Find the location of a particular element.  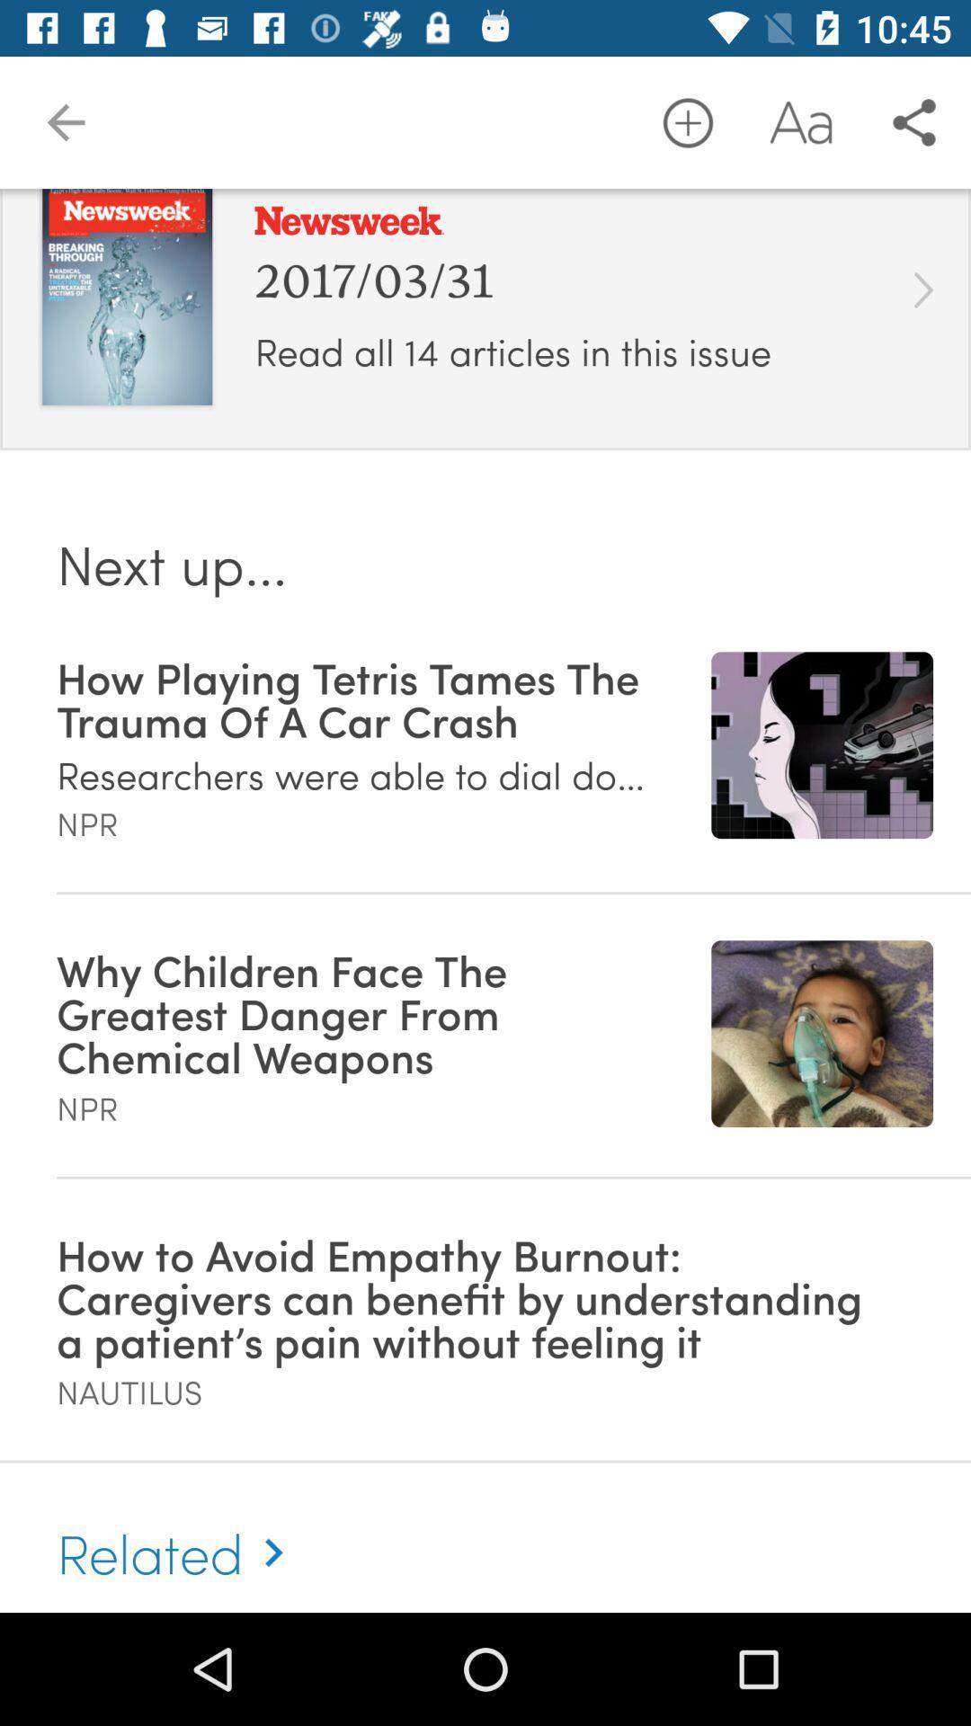

the related item is located at coordinates (178, 1532).